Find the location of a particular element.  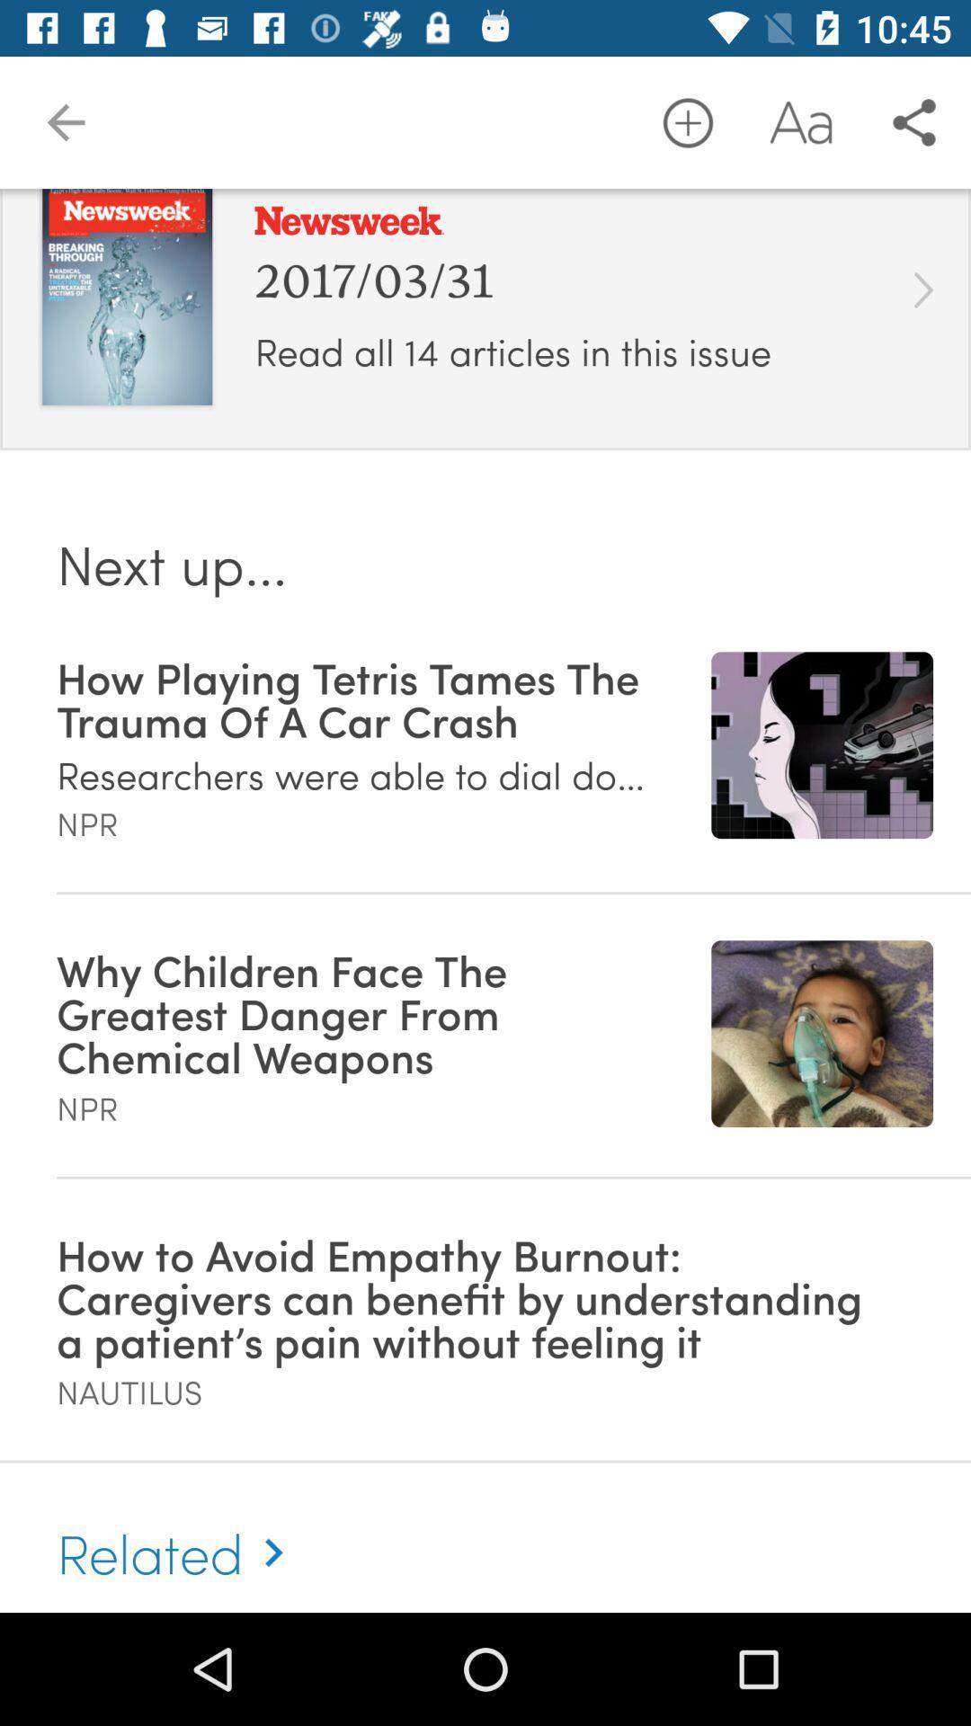

the related item is located at coordinates (178, 1532).